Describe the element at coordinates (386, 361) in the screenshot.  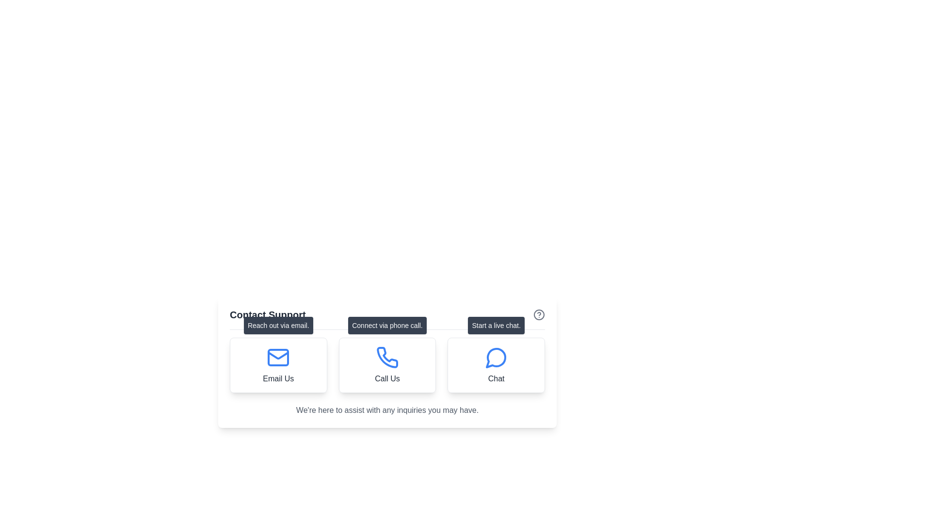
I see `the 'Call Us' button, which is a rectangular button with a blue phone icon located in the central column of a three-column layout, to initiate a phone call` at that location.